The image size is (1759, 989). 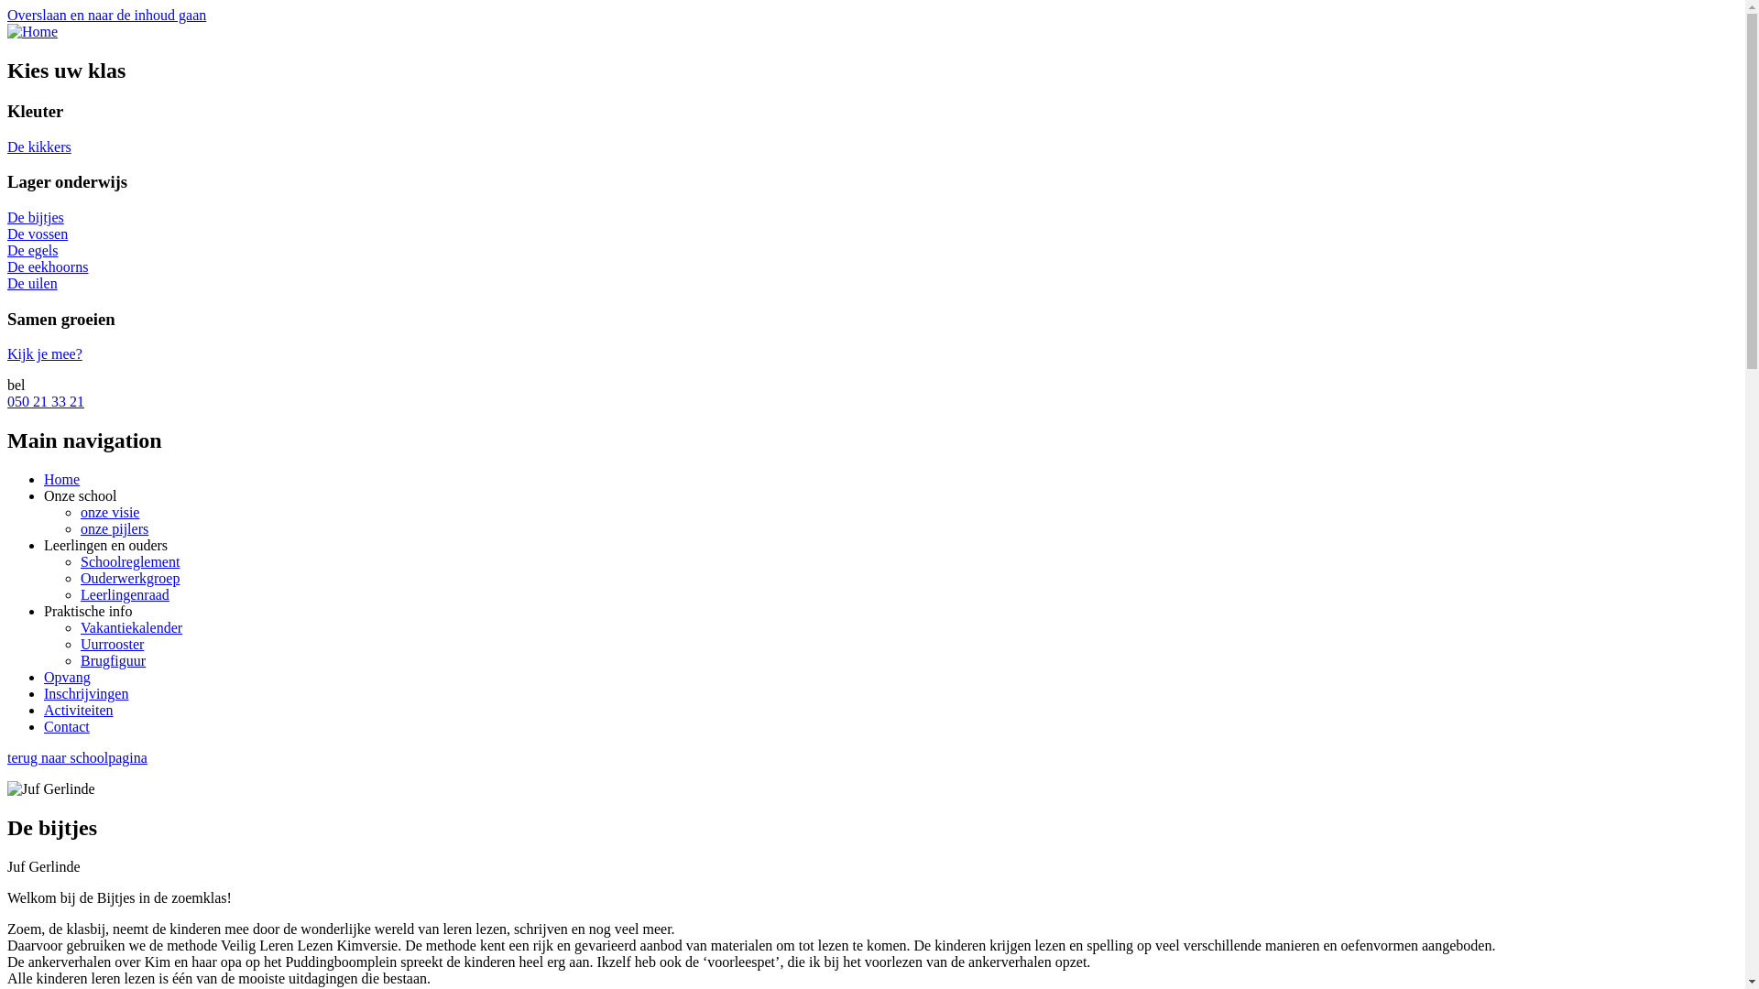 I want to click on 'Kijk je mee?', so click(x=44, y=353).